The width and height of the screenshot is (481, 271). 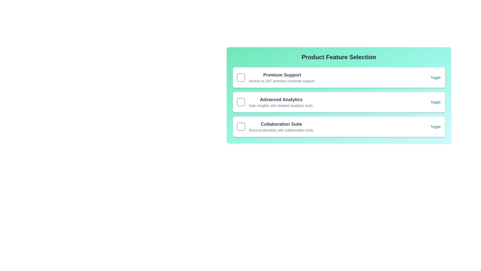 What do you see at coordinates (282, 75) in the screenshot?
I see `the 'Premium Support' static text label, which is the first feature title in the 'Product Feature Selection' section, rendered in bold against a light background` at bounding box center [282, 75].